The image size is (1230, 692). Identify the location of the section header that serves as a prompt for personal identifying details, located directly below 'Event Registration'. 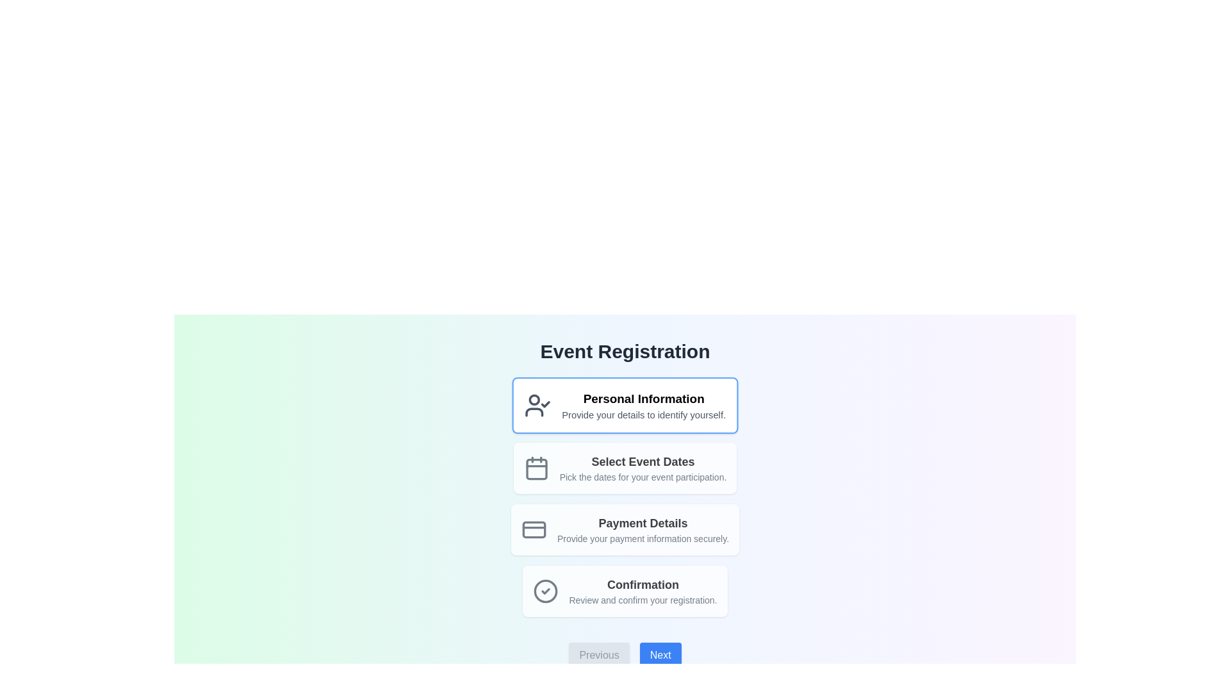
(625, 405).